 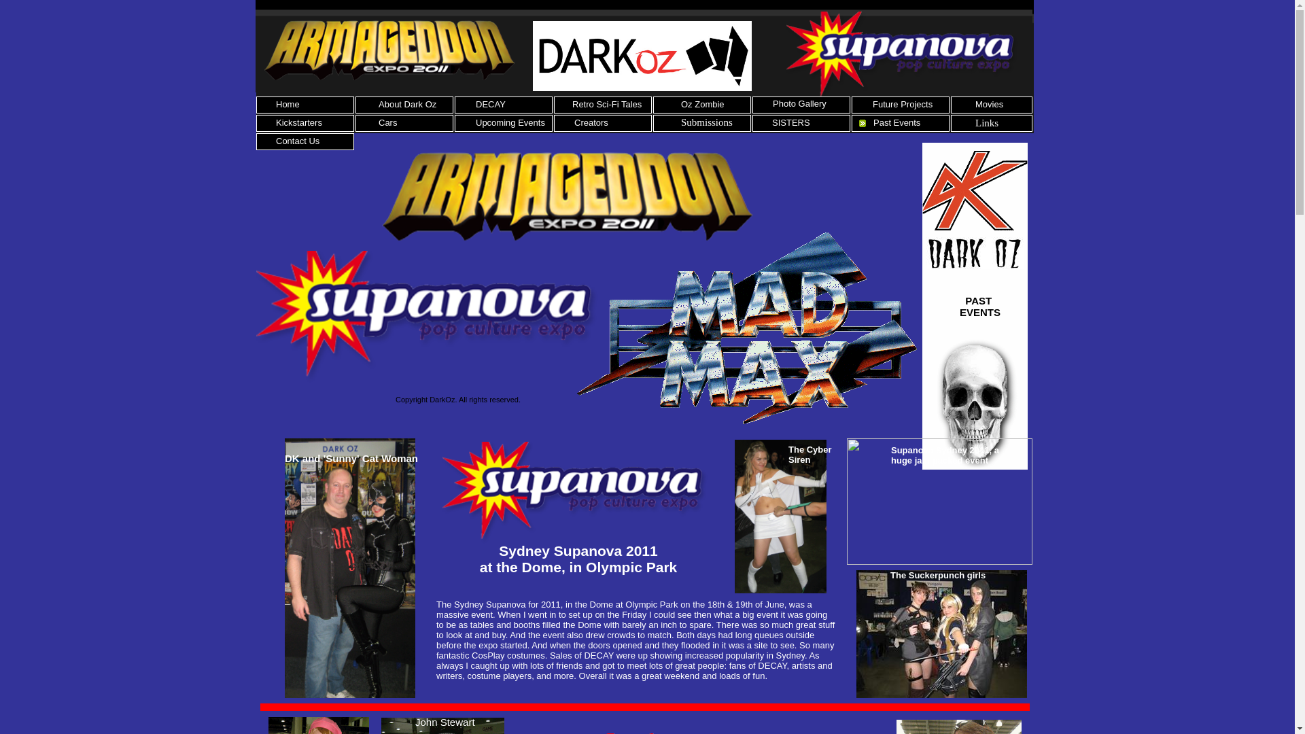 What do you see at coordinates (707, 122) in the screenshot?
I see `'Submissions'` at bounding box center [707, 122].